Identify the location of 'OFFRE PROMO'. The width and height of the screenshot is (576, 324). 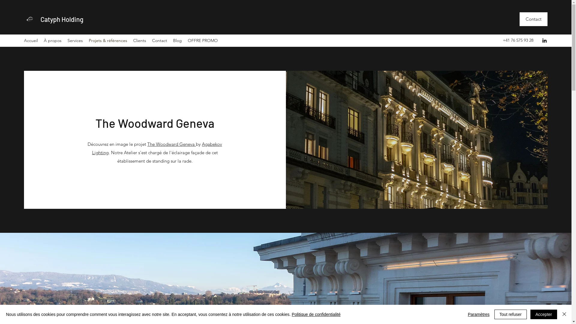
(203, 40).